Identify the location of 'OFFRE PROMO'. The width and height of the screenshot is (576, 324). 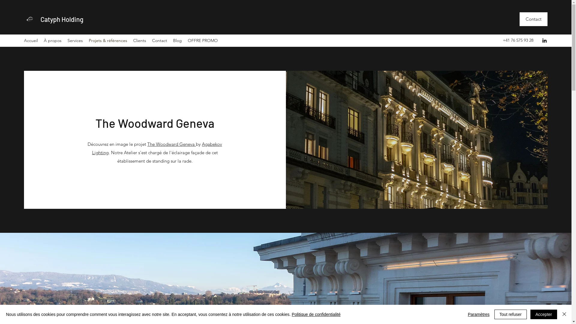
(203, 40).